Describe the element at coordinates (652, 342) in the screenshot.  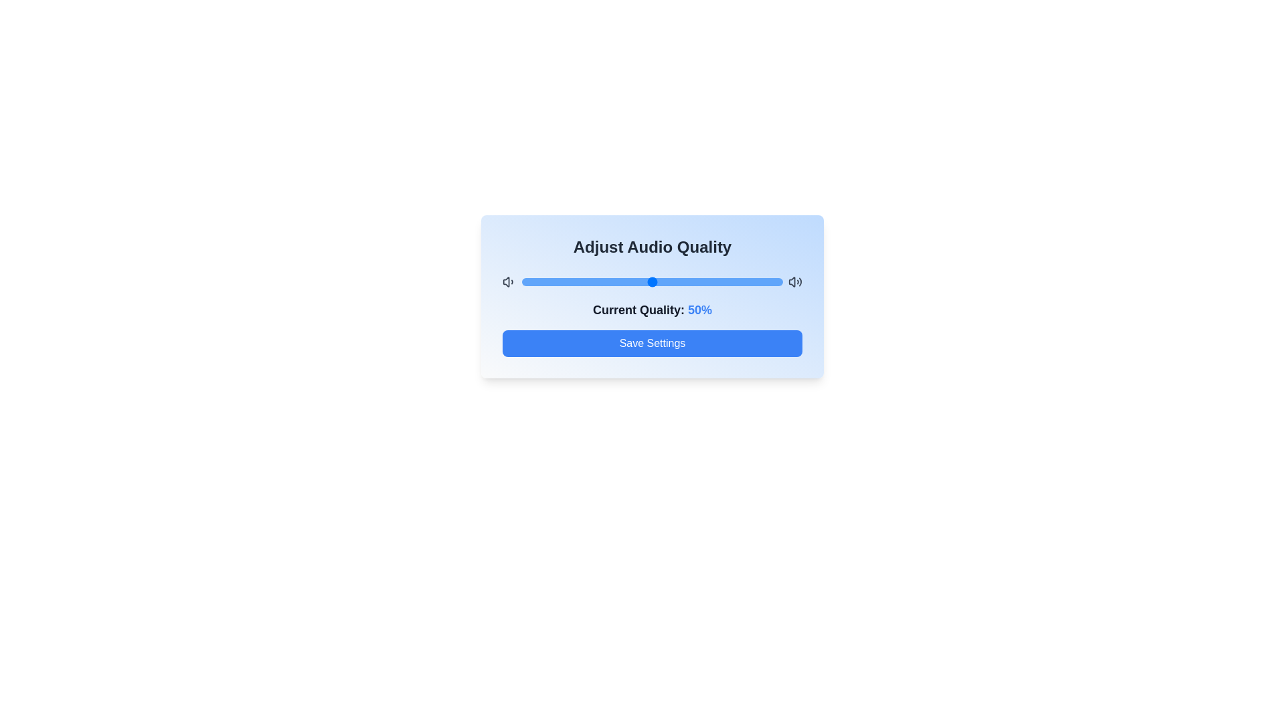
I see `'Save Settings' button to save the selected audio quality` at that location.